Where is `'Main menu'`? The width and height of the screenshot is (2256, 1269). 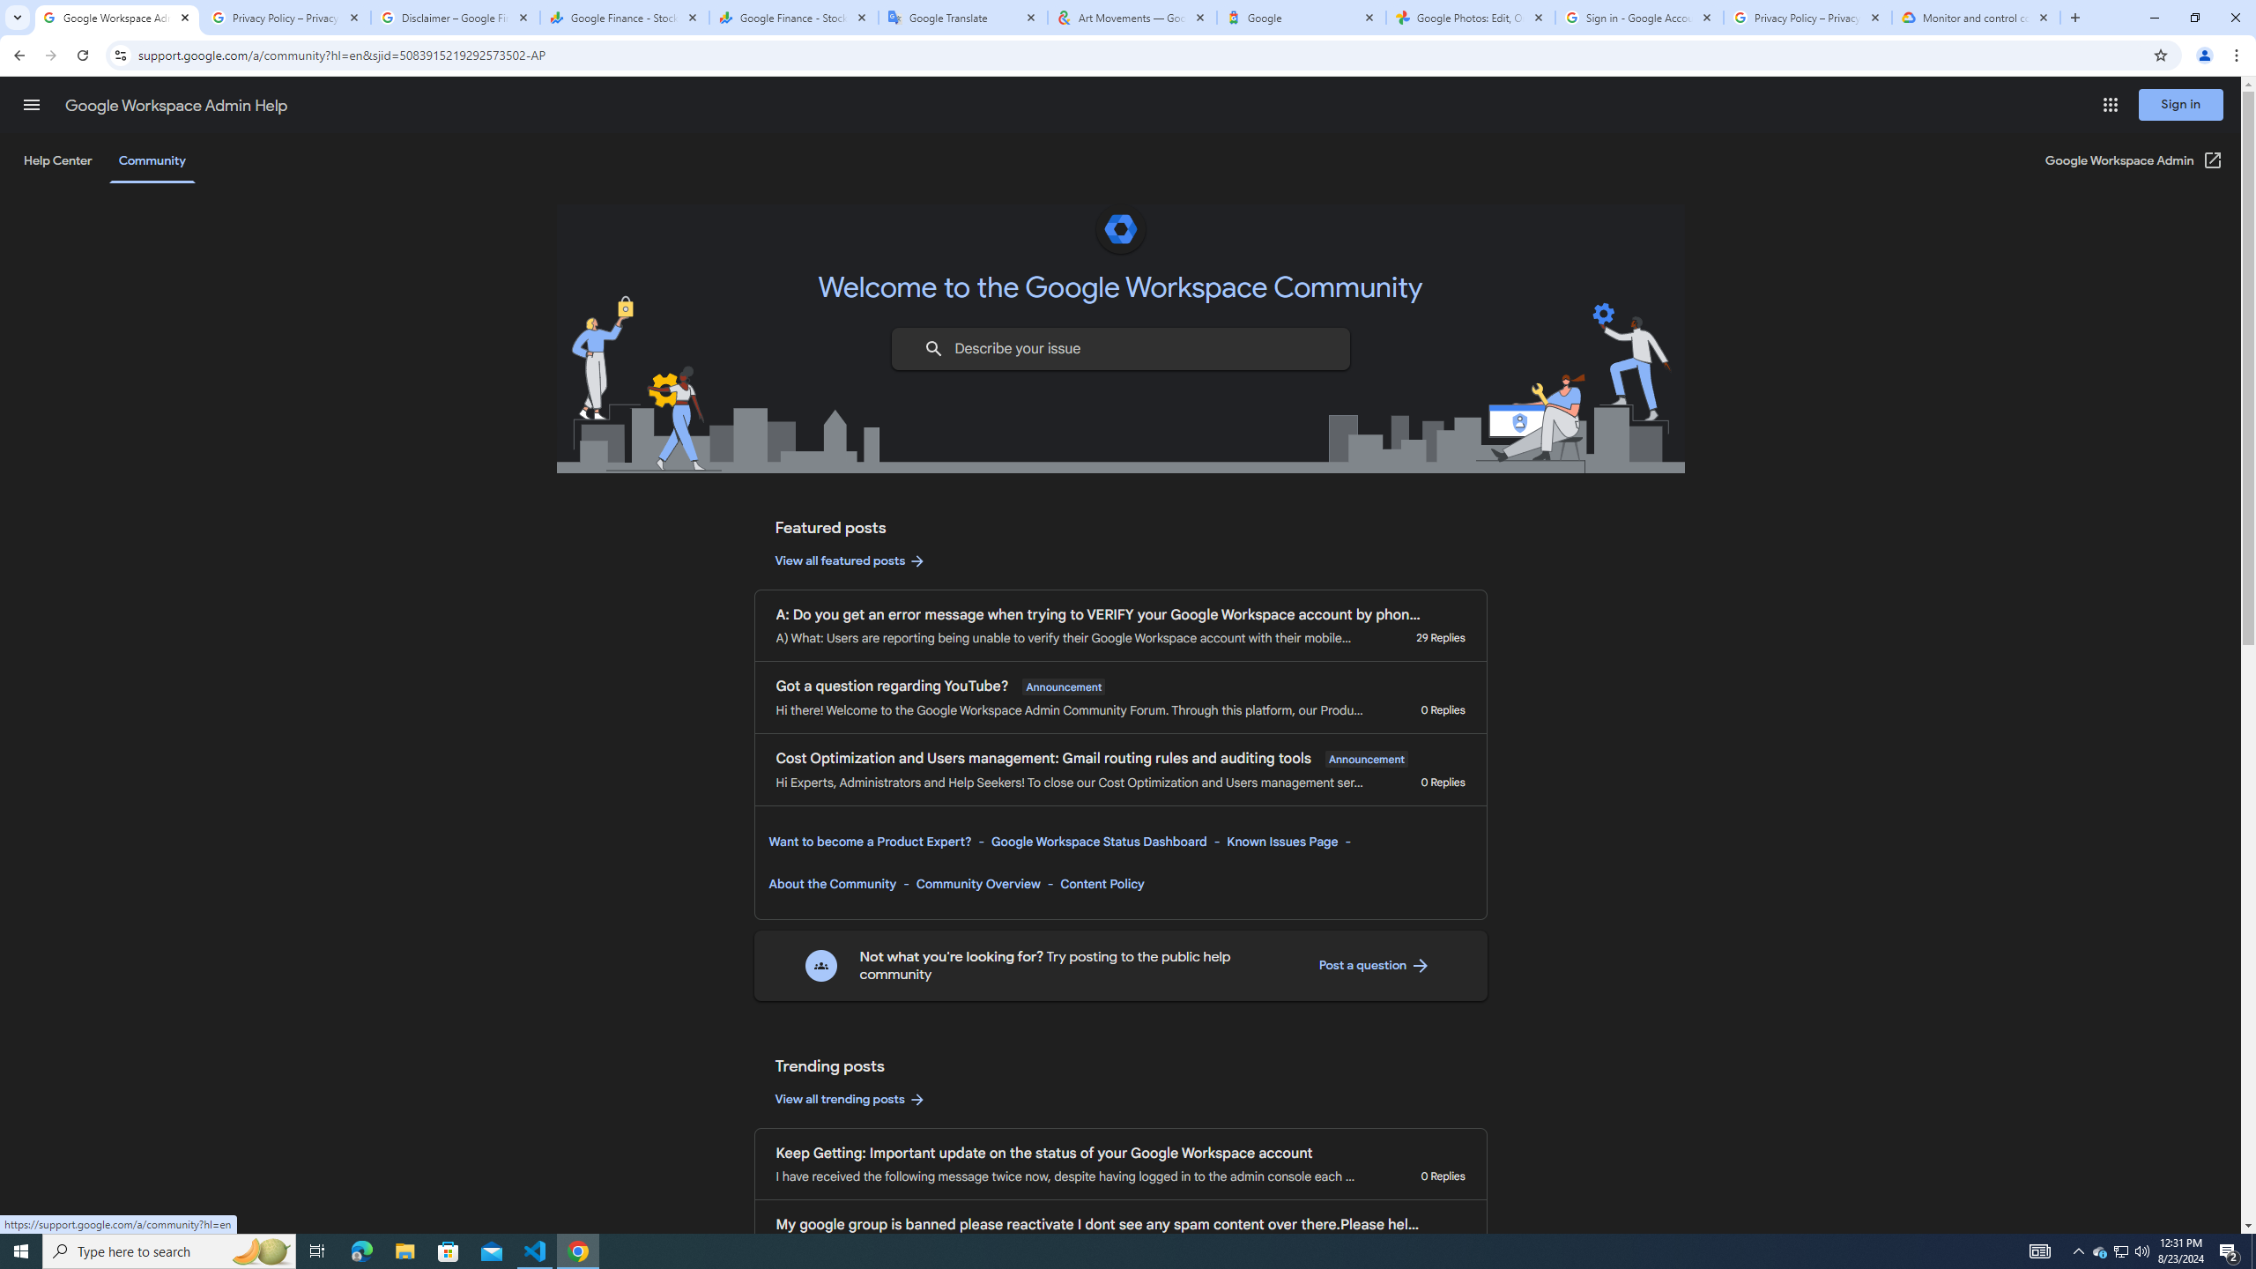
'Main menu' is located at coordinates (30, 104).